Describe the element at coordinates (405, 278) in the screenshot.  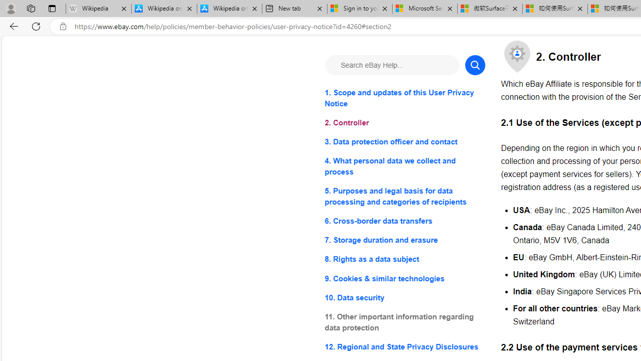
I see `'9. Cookies & similar technologies'` at that location.